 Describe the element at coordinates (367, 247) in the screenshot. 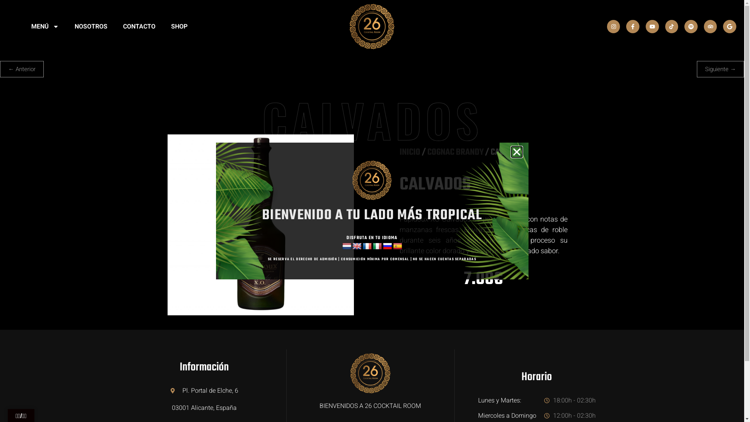

I see `'French'` at that location.